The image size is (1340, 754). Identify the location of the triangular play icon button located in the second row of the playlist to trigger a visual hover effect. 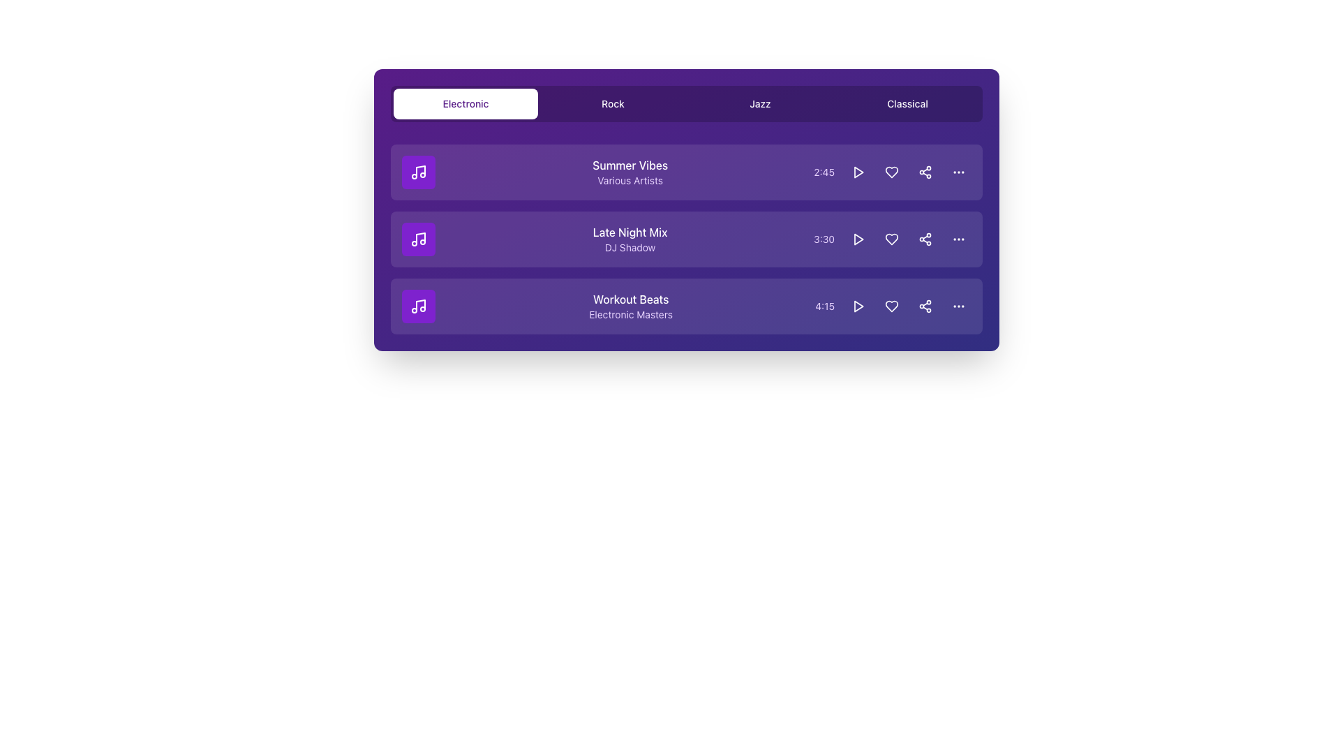
(857, 239).